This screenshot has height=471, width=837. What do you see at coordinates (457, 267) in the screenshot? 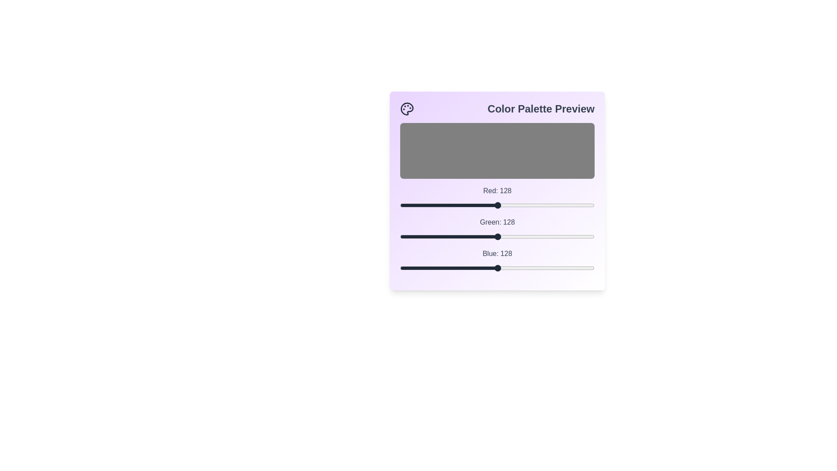
I see `the blue color value` at bounding box center [457, 267].